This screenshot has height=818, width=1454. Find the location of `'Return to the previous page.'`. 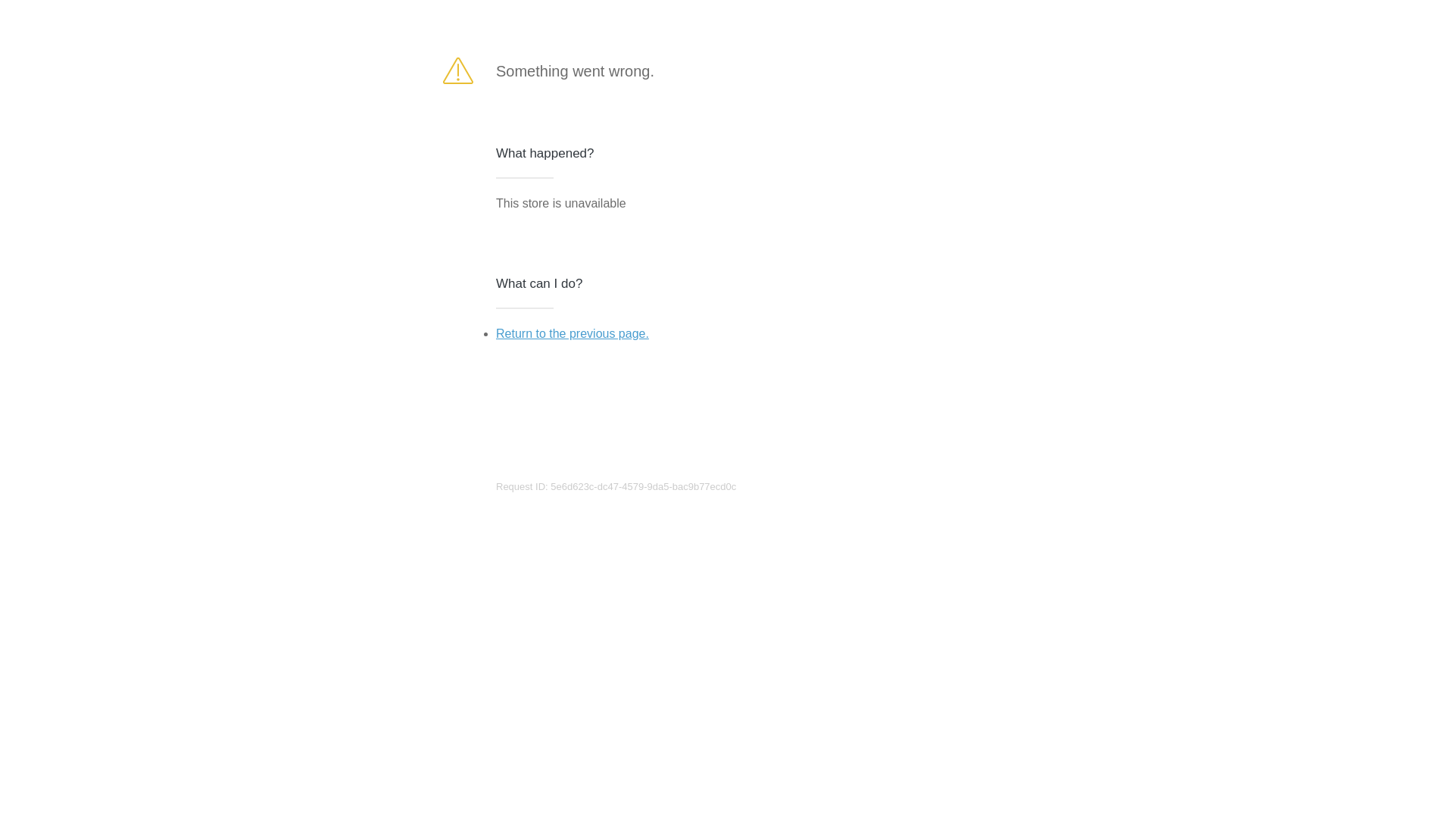

'Return to the previous page.' is located at coordinates (571, 333).